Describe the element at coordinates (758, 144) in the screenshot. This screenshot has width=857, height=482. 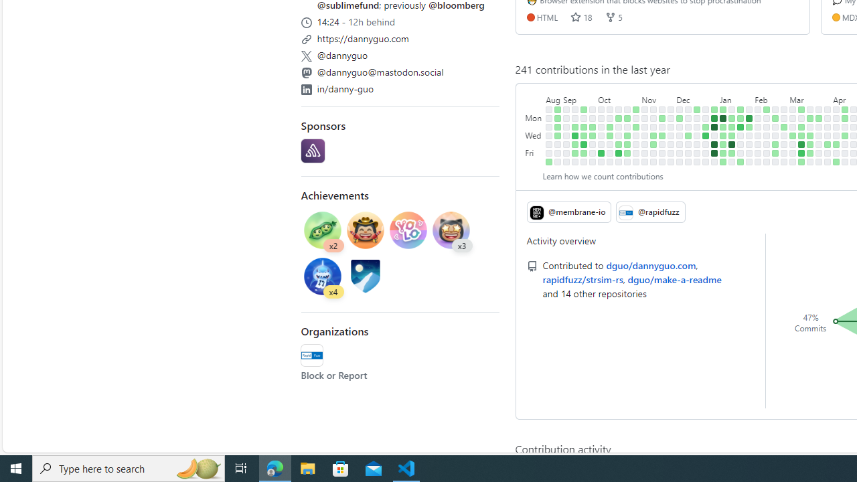
I see `'No contributions on February 8th.'` at that location.